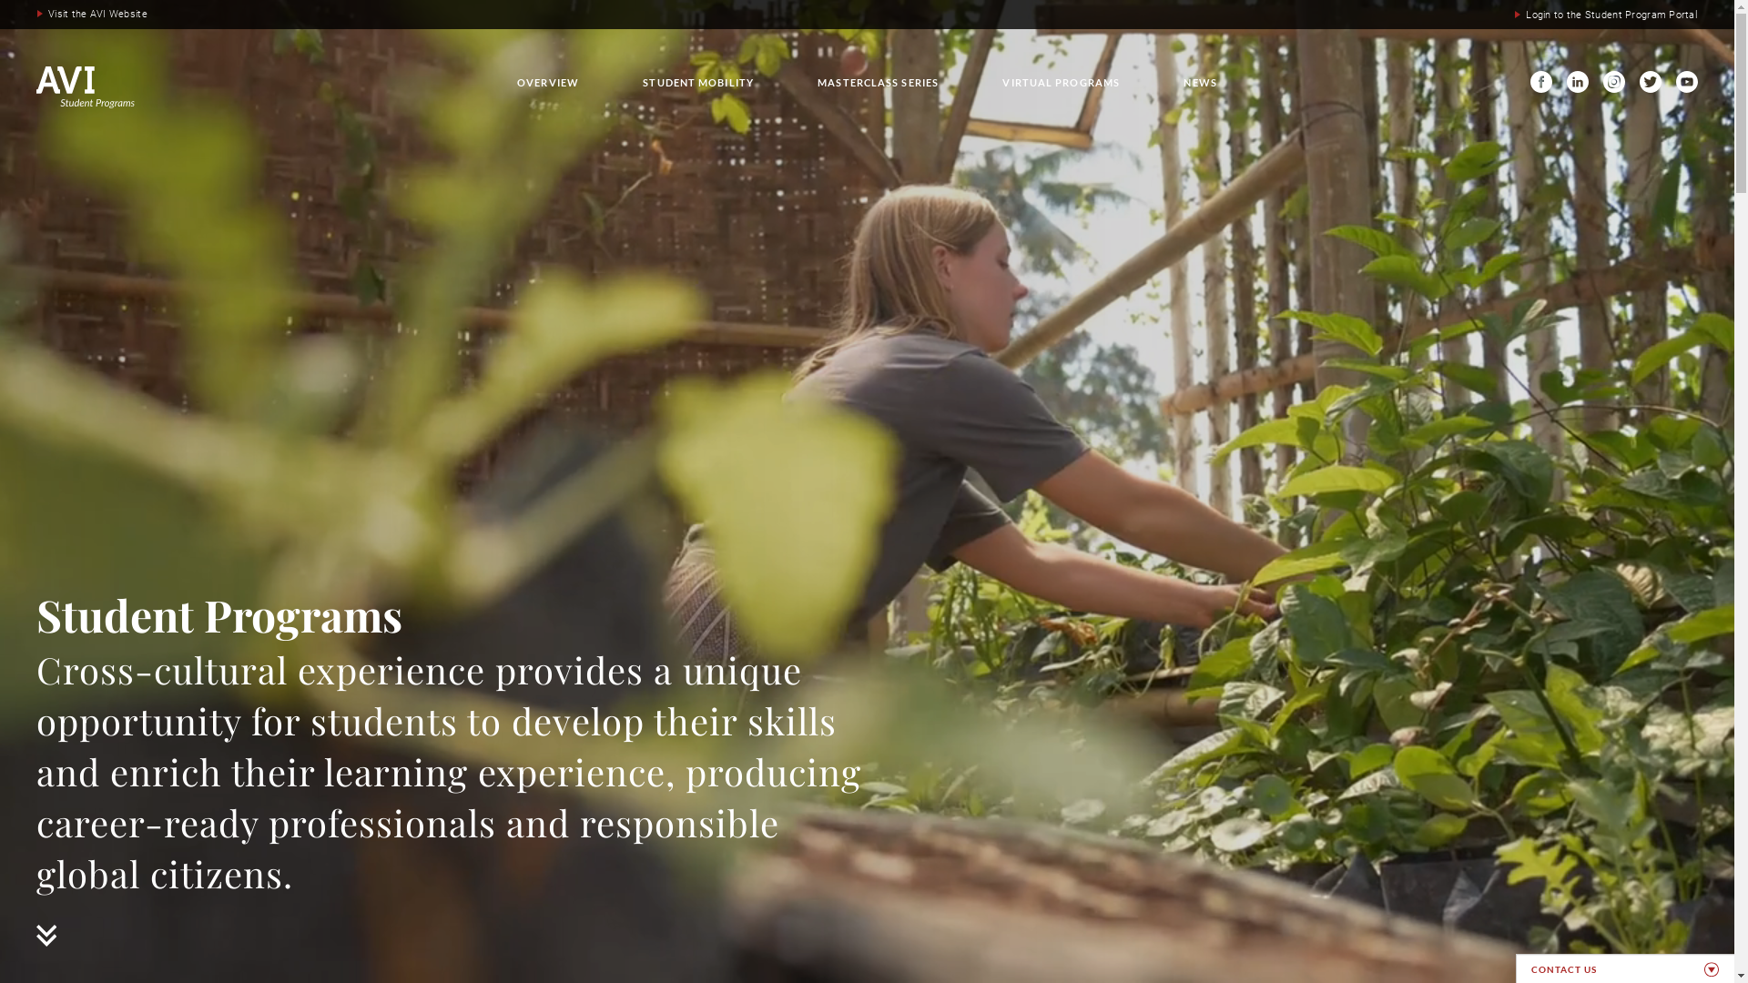 This screenshot has width=1748, height=983. I want to click on 'STUDENT MOBILITY', so click(697, 82).